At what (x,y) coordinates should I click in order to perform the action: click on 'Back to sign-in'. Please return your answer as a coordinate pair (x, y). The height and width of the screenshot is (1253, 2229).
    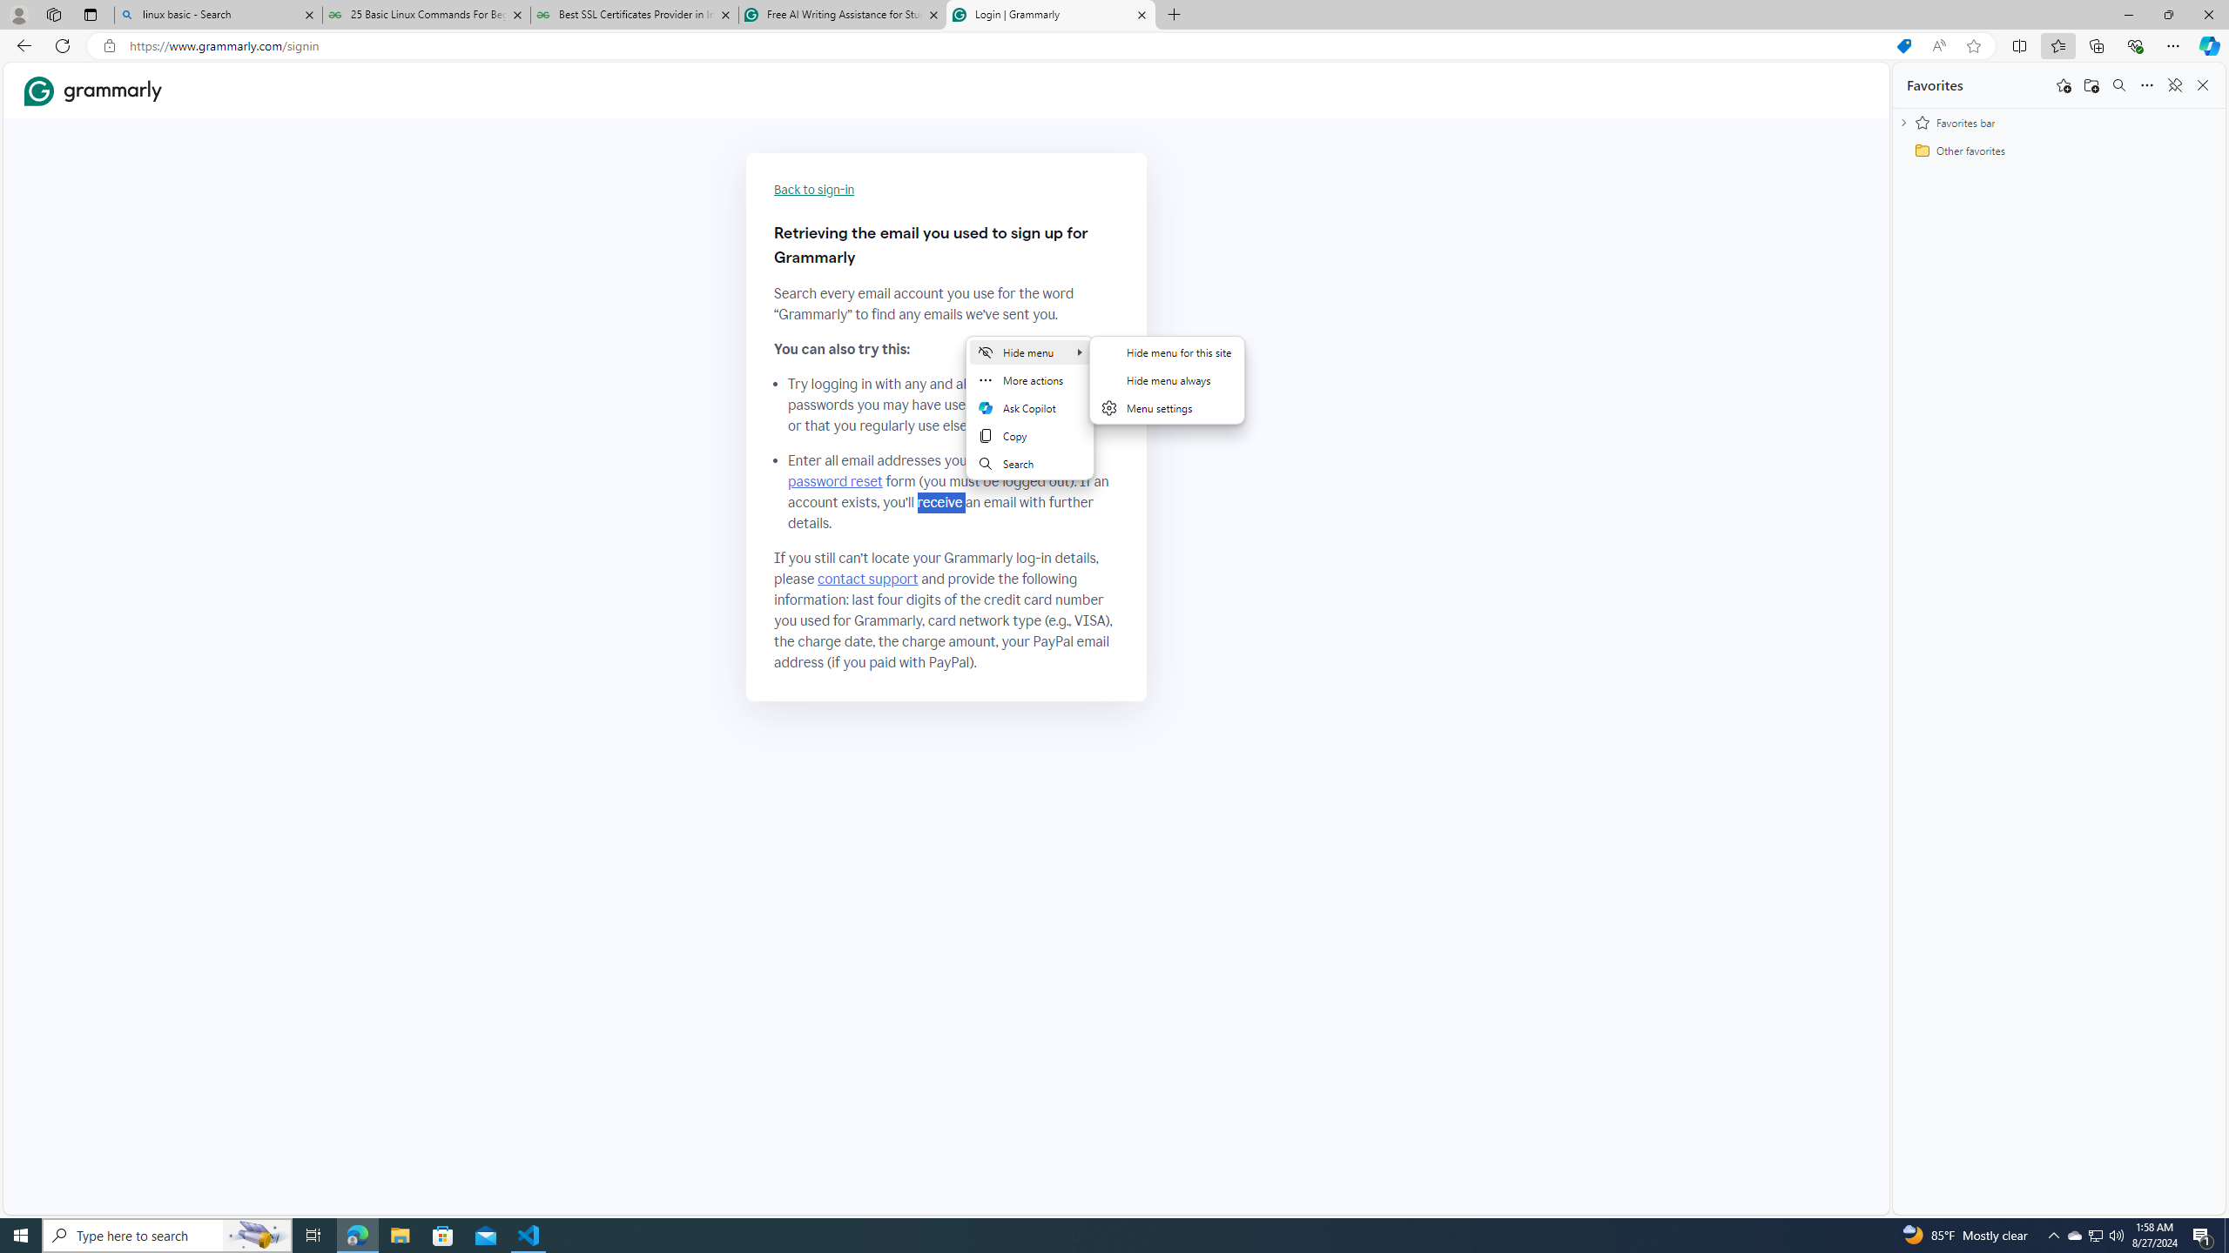
    Looking at the image, I should click on (813, 190).